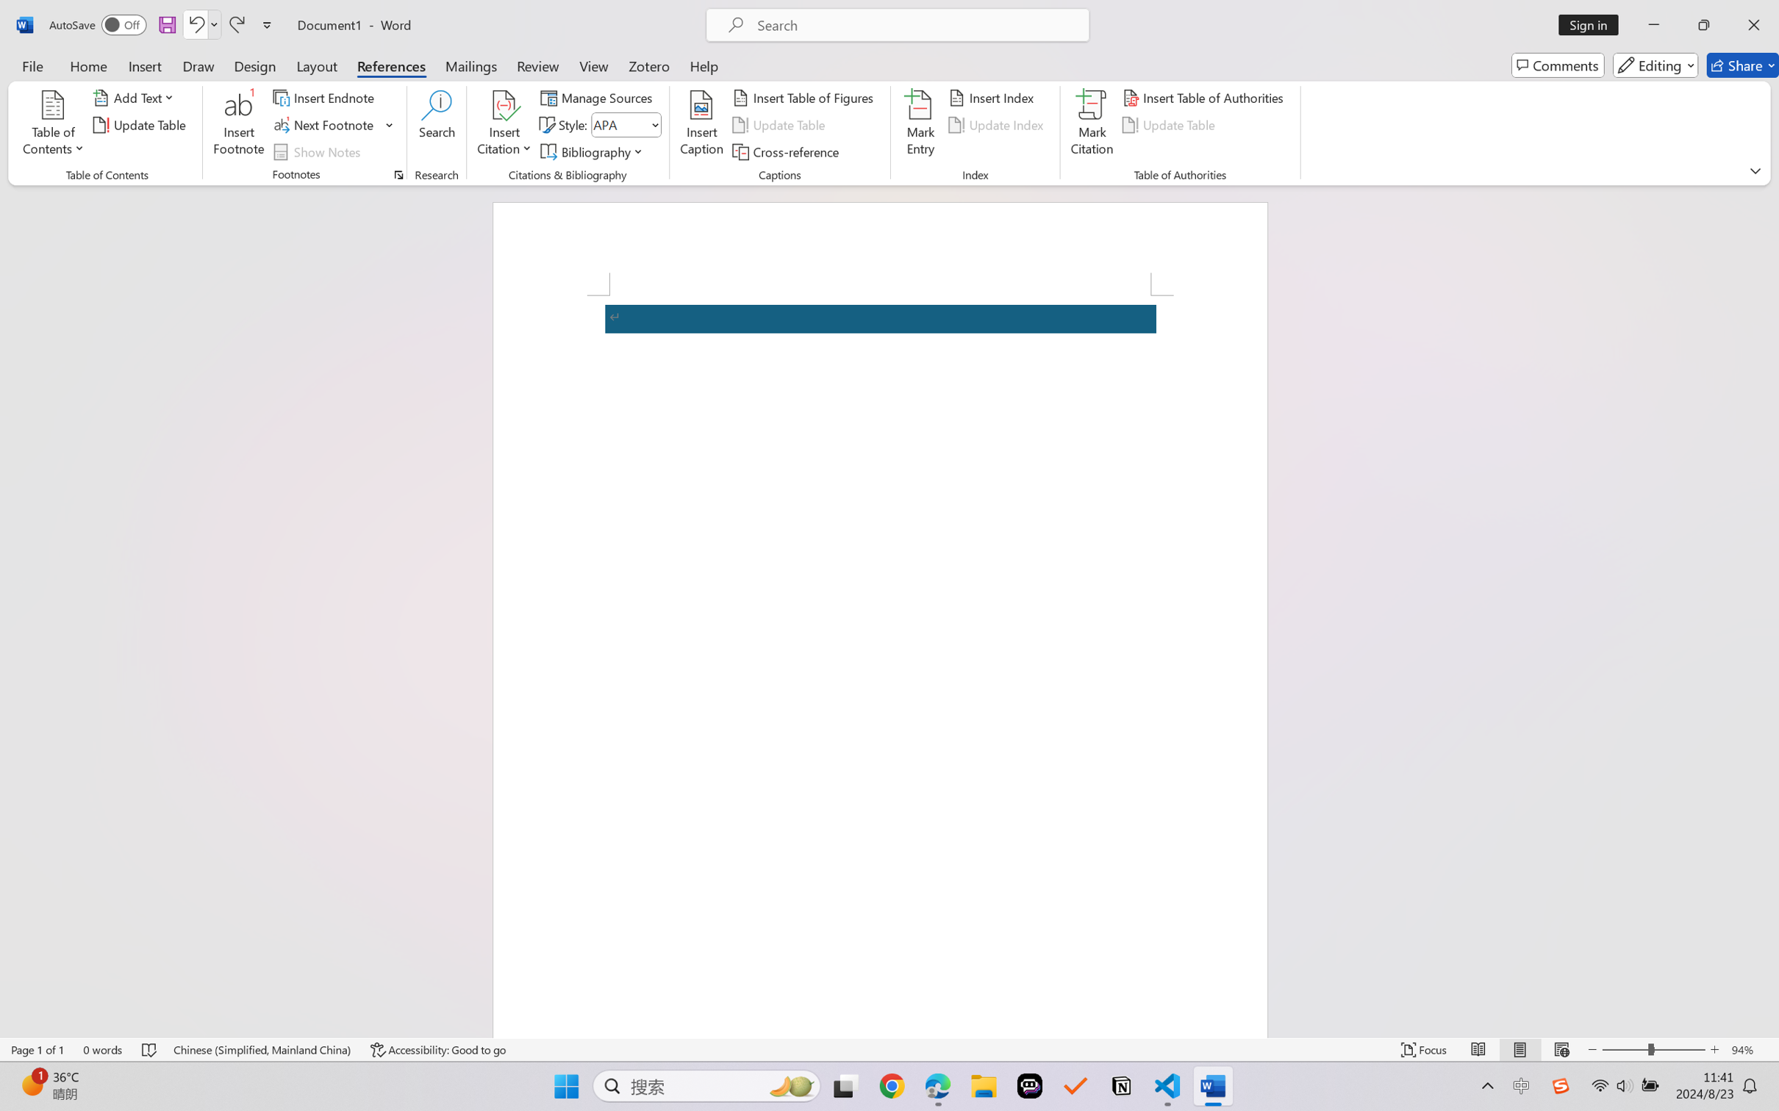  I want to click on 'Update Table', so click(1170, 125).